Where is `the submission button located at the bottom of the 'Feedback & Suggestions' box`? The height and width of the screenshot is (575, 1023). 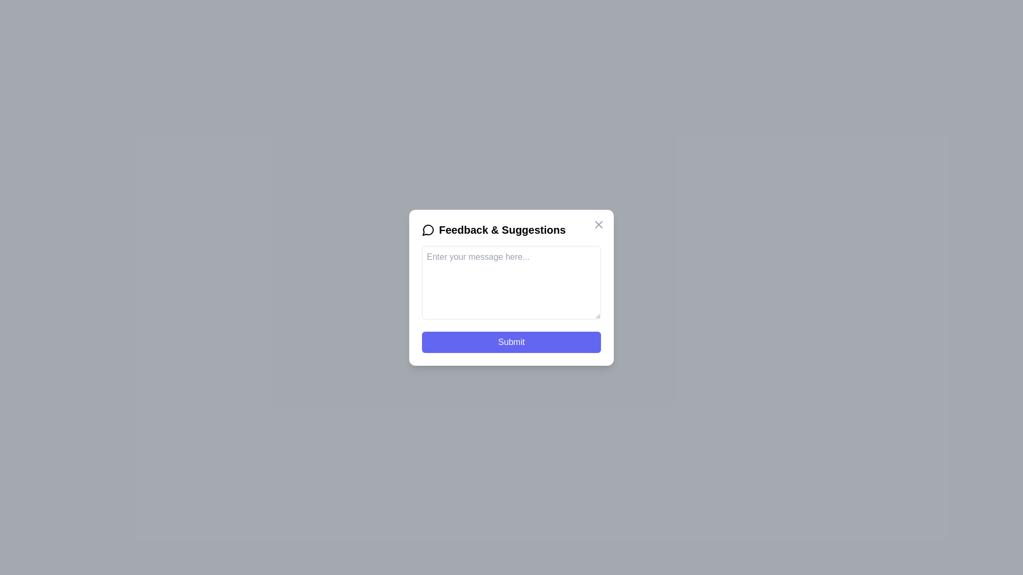
the submission button located at the bottom of the 'Feedback & Suggestions' box is located at coordinates (511, 342).